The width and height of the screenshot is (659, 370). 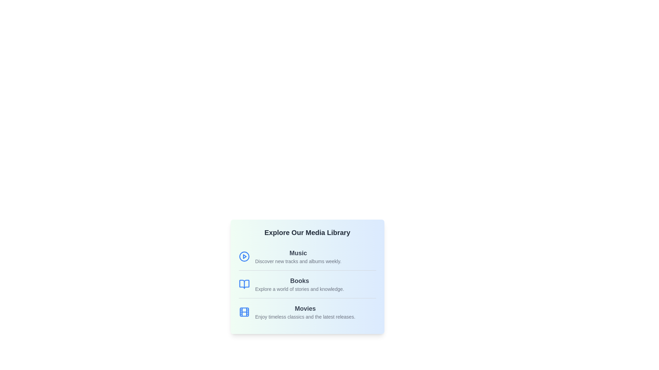 What do you see at coordinates (300, 281) in the screenshot?
I see `the 'Books' category description` at bounding box center [300, 281].